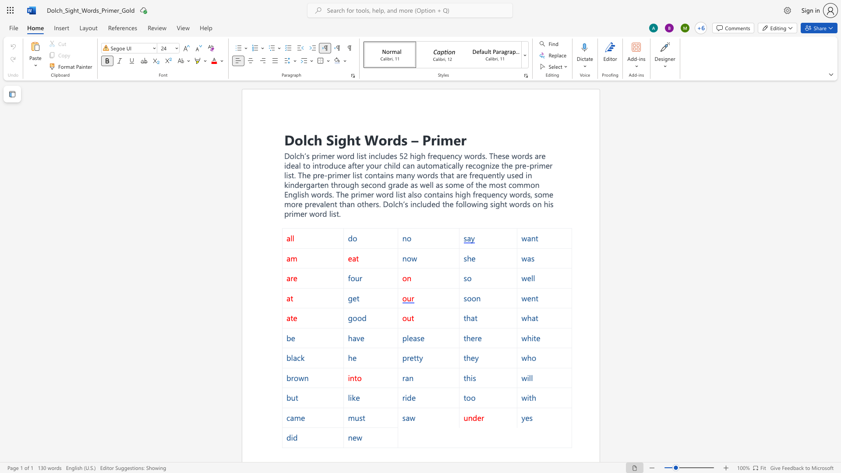  What do you see at coordinates (339, 139) in the screenshot?
I see `the space between the continuous character "i" and "g" in the text` at bounding box center [339, 139].